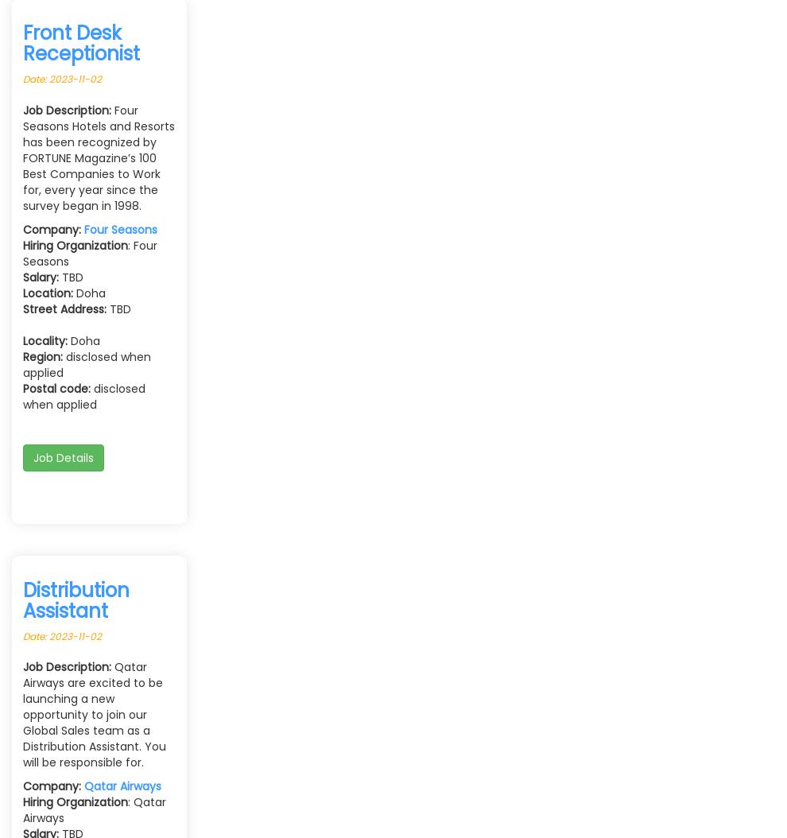 The image size is (787, 838). I want to click on 'Salary:', so click(22, 277).